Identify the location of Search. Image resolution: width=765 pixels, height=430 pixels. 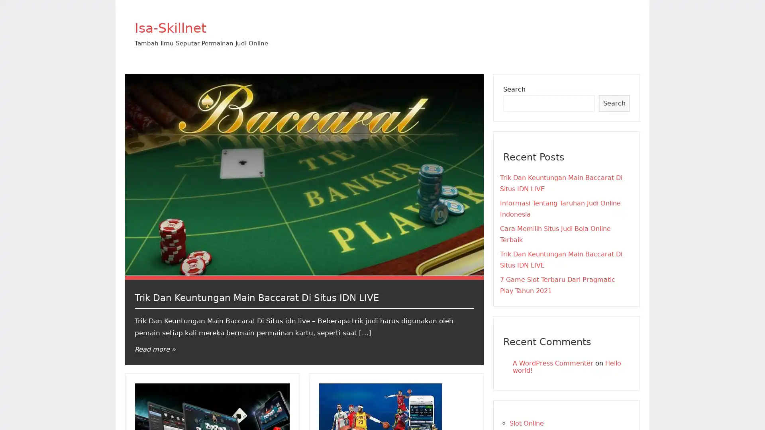
(614, 103).